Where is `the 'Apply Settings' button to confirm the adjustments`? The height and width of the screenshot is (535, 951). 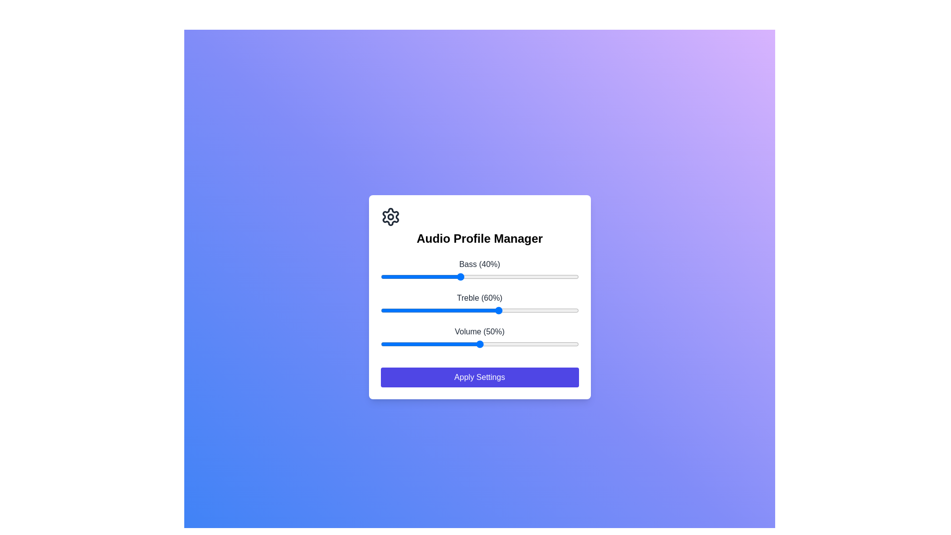
the 'Apply Settings' button to confirm the adjustments is located at coordinates (479, 377).